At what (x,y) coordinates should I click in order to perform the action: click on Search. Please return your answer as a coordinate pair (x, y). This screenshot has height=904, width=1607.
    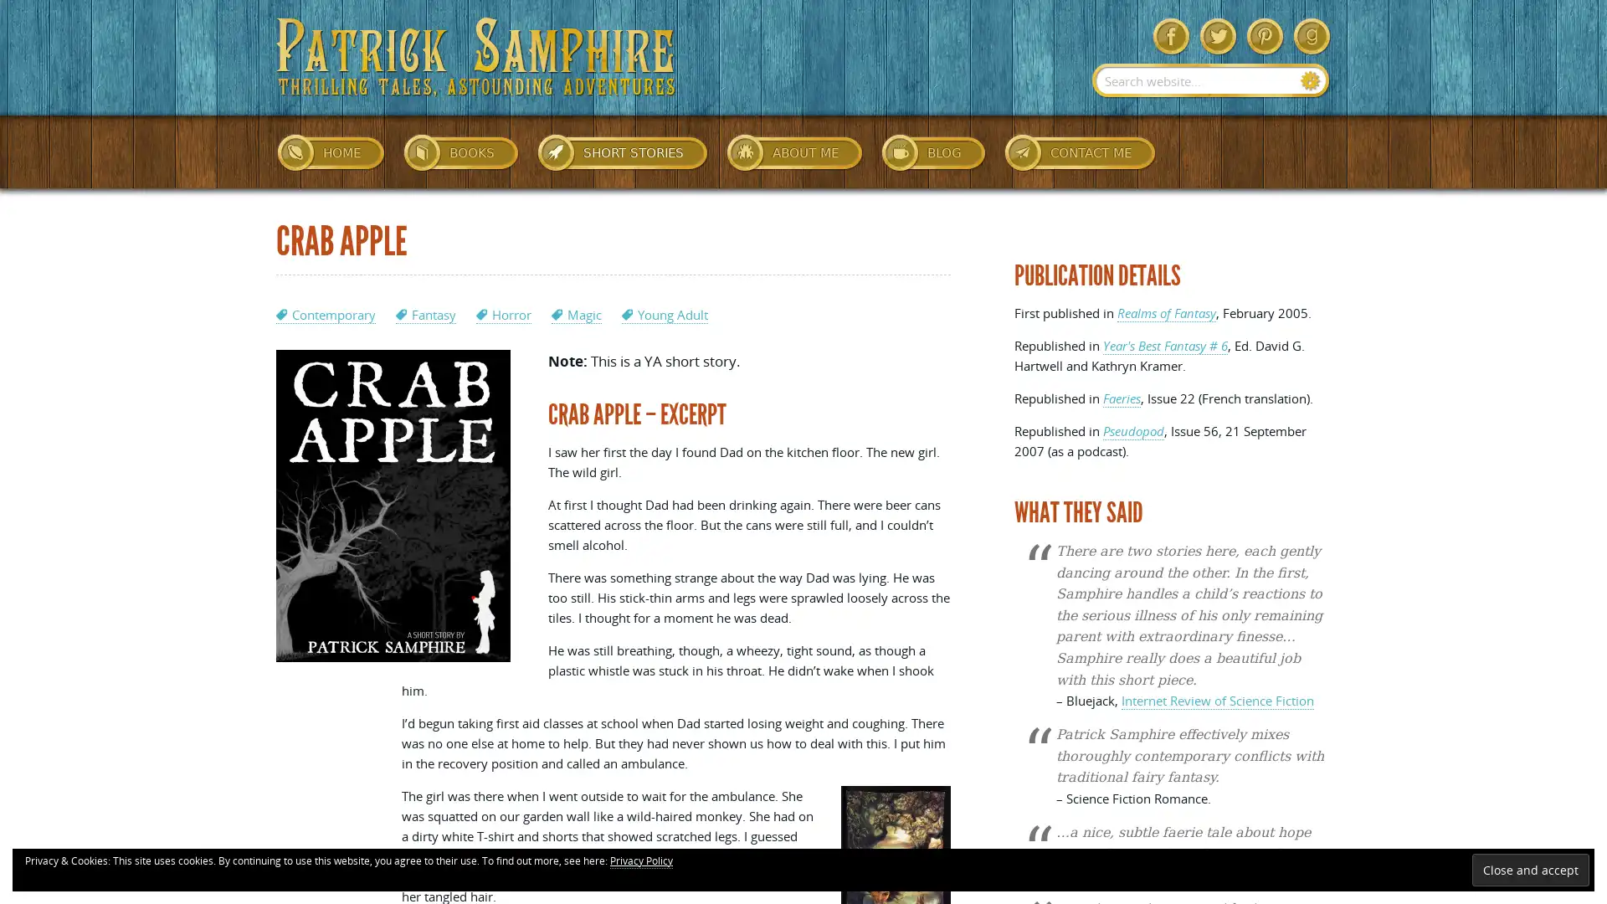
    Looking at the image, I should click on (1310, 80).